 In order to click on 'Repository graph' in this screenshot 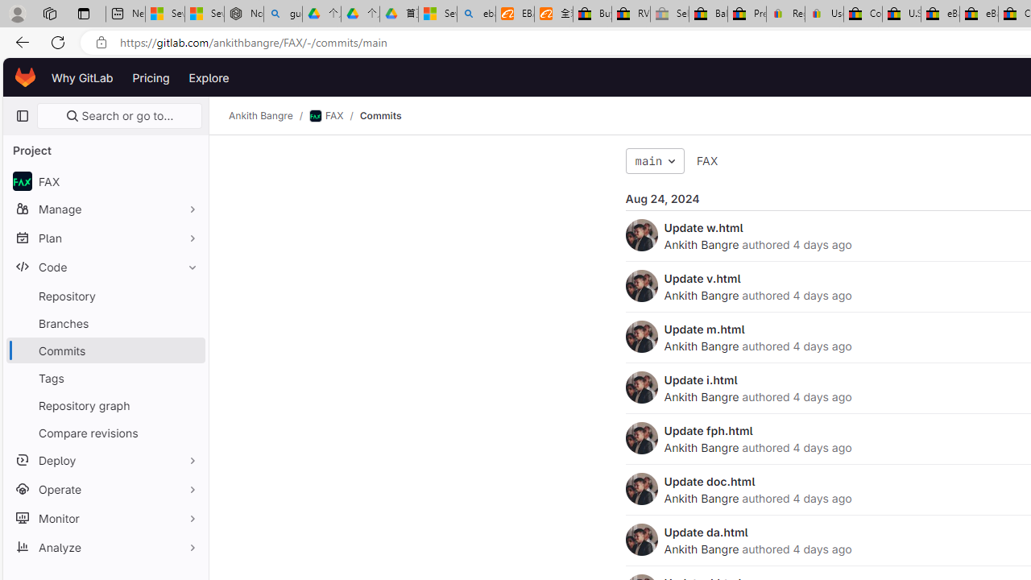, I will do `click(105, 404)`.